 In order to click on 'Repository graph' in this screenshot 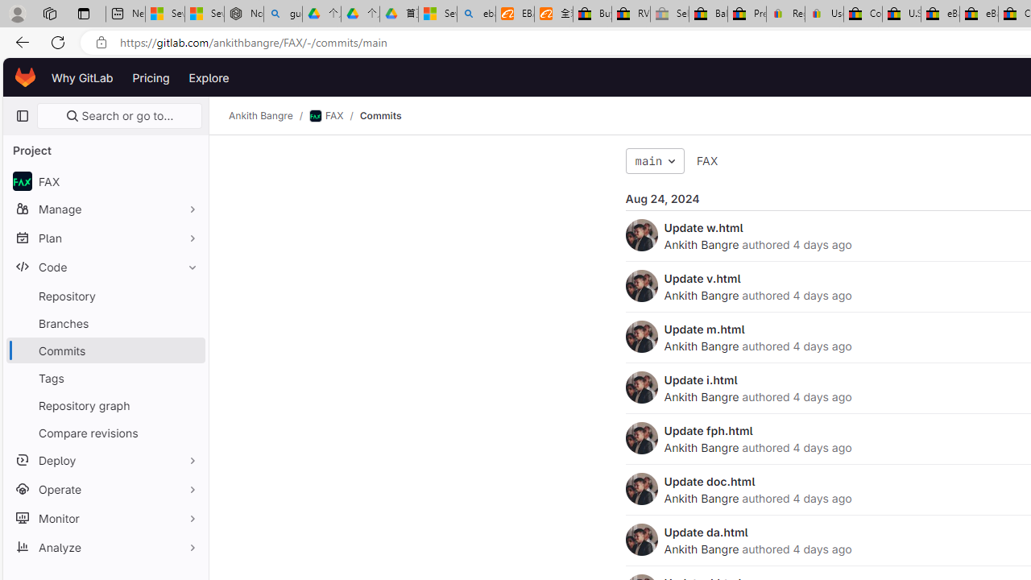, I will do `click(105, 404)`.